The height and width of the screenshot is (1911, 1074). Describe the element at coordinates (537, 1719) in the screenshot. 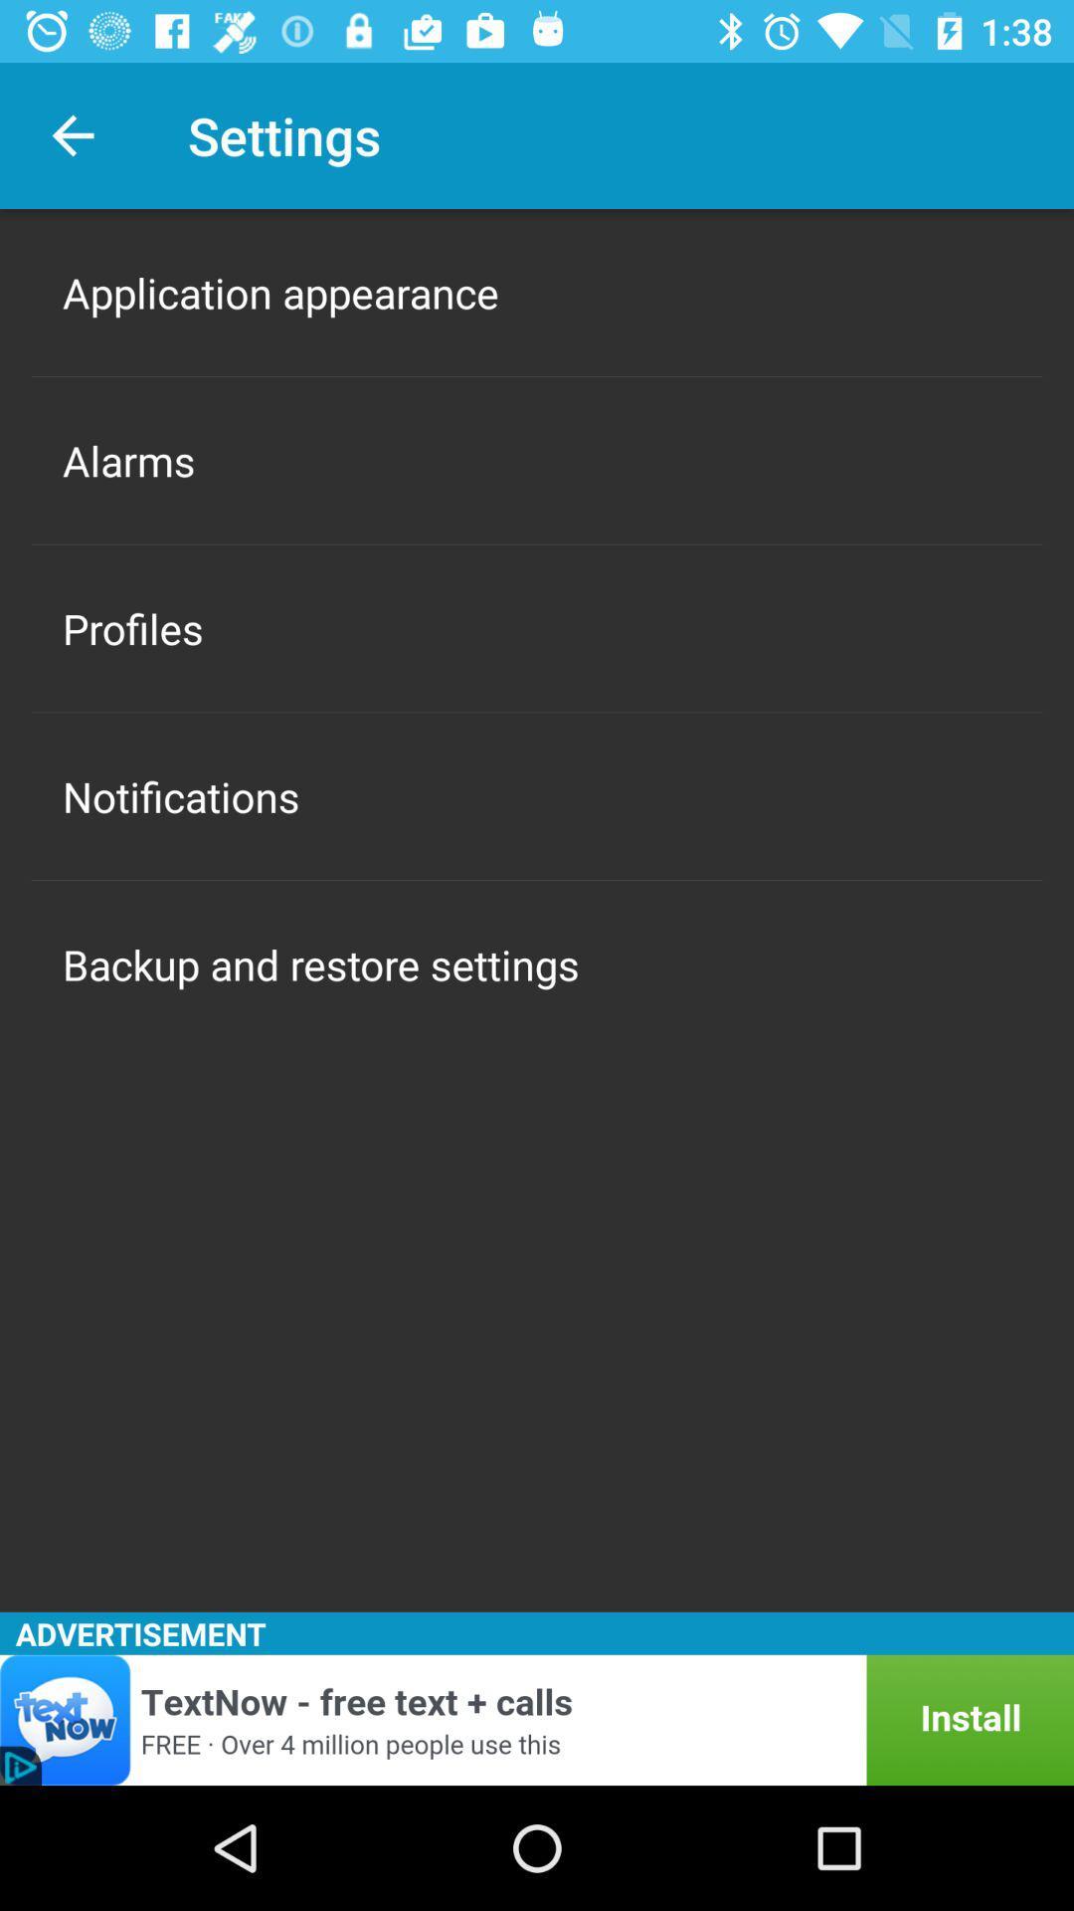

I see `textnow` at that location.